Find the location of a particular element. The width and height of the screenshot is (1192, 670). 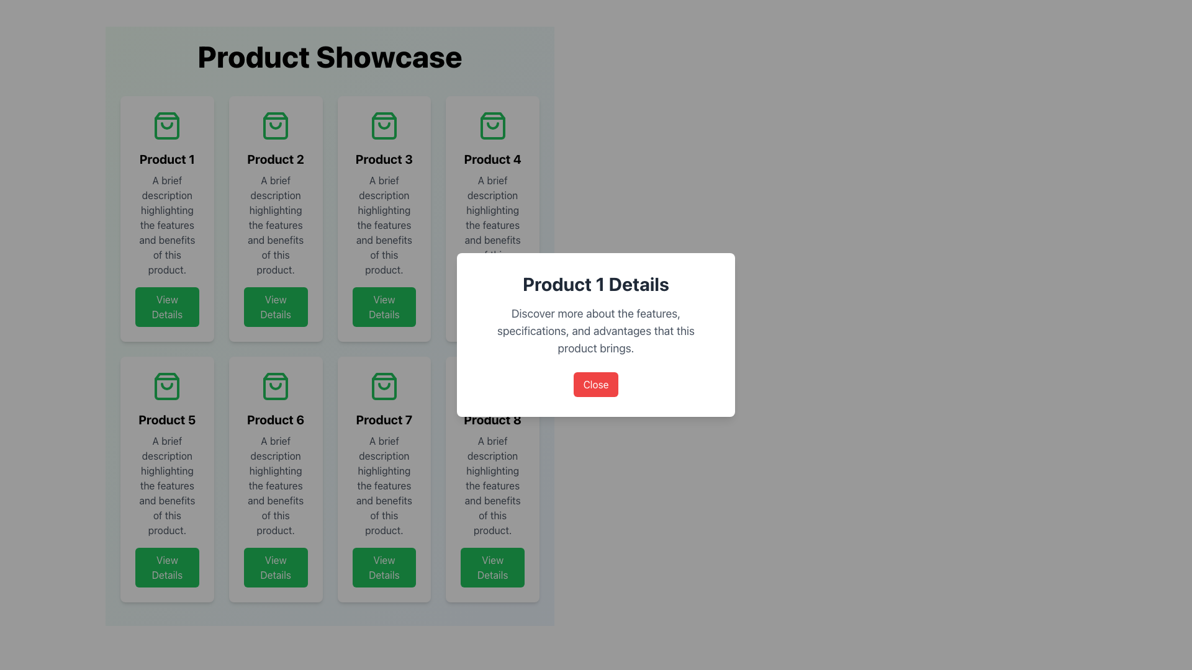

the product listing card for 'Product 5', located in the second row, first column of the grid layout is located at coordinates (166, 478).